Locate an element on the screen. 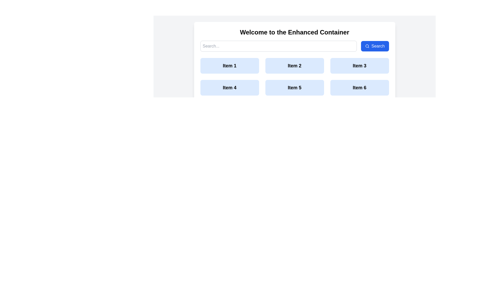  the rectangular button with a blue background and bold black text 'Item 4' is located at coordinates (229, 87).